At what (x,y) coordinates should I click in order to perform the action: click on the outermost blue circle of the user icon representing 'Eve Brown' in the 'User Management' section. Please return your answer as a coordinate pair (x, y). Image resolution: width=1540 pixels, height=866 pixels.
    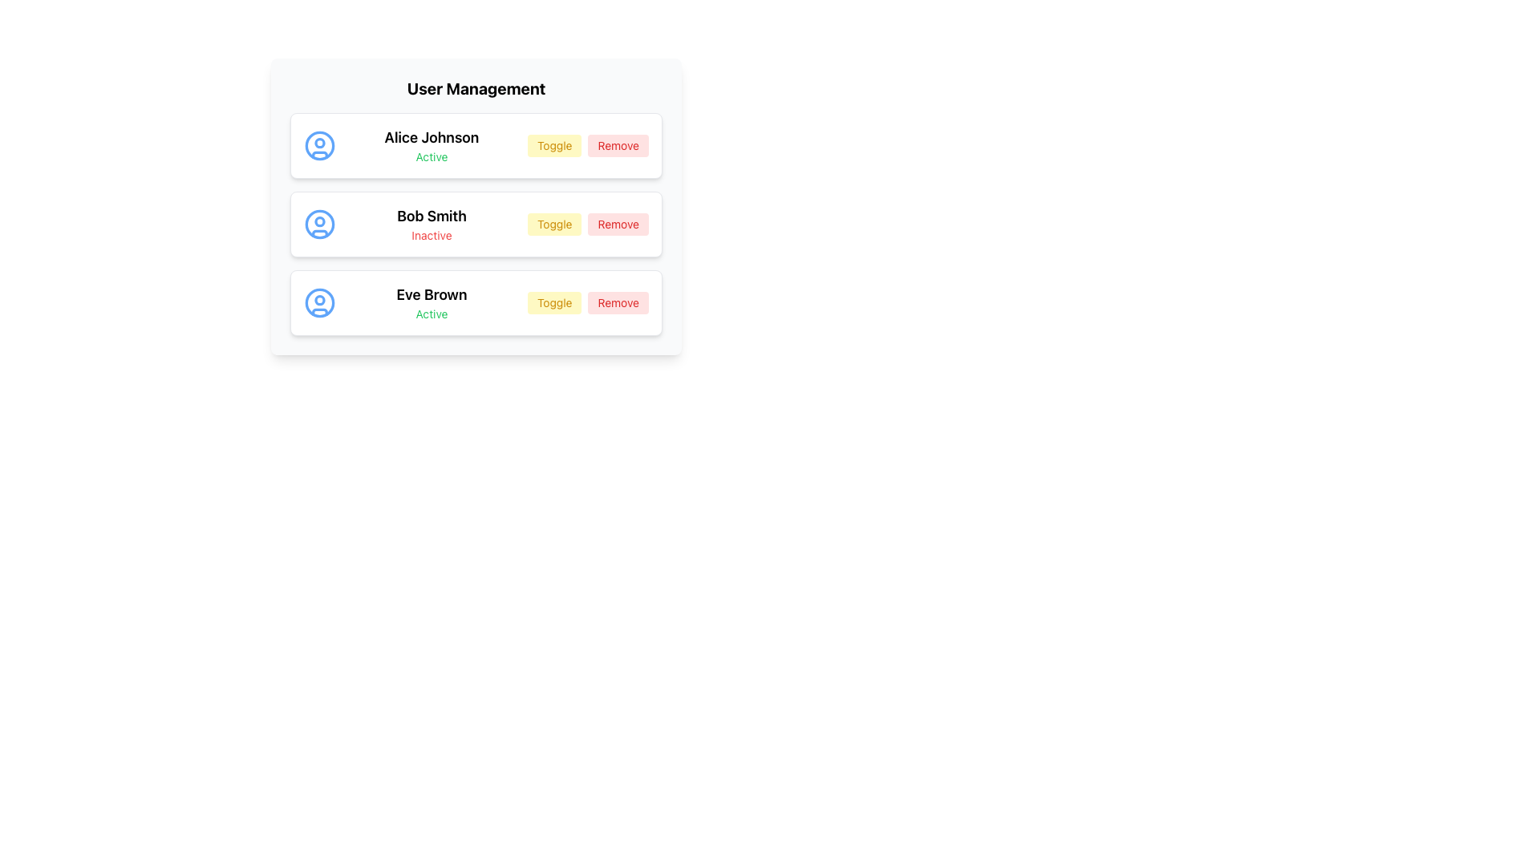
    Looking at the image, I should click on (319, 303).